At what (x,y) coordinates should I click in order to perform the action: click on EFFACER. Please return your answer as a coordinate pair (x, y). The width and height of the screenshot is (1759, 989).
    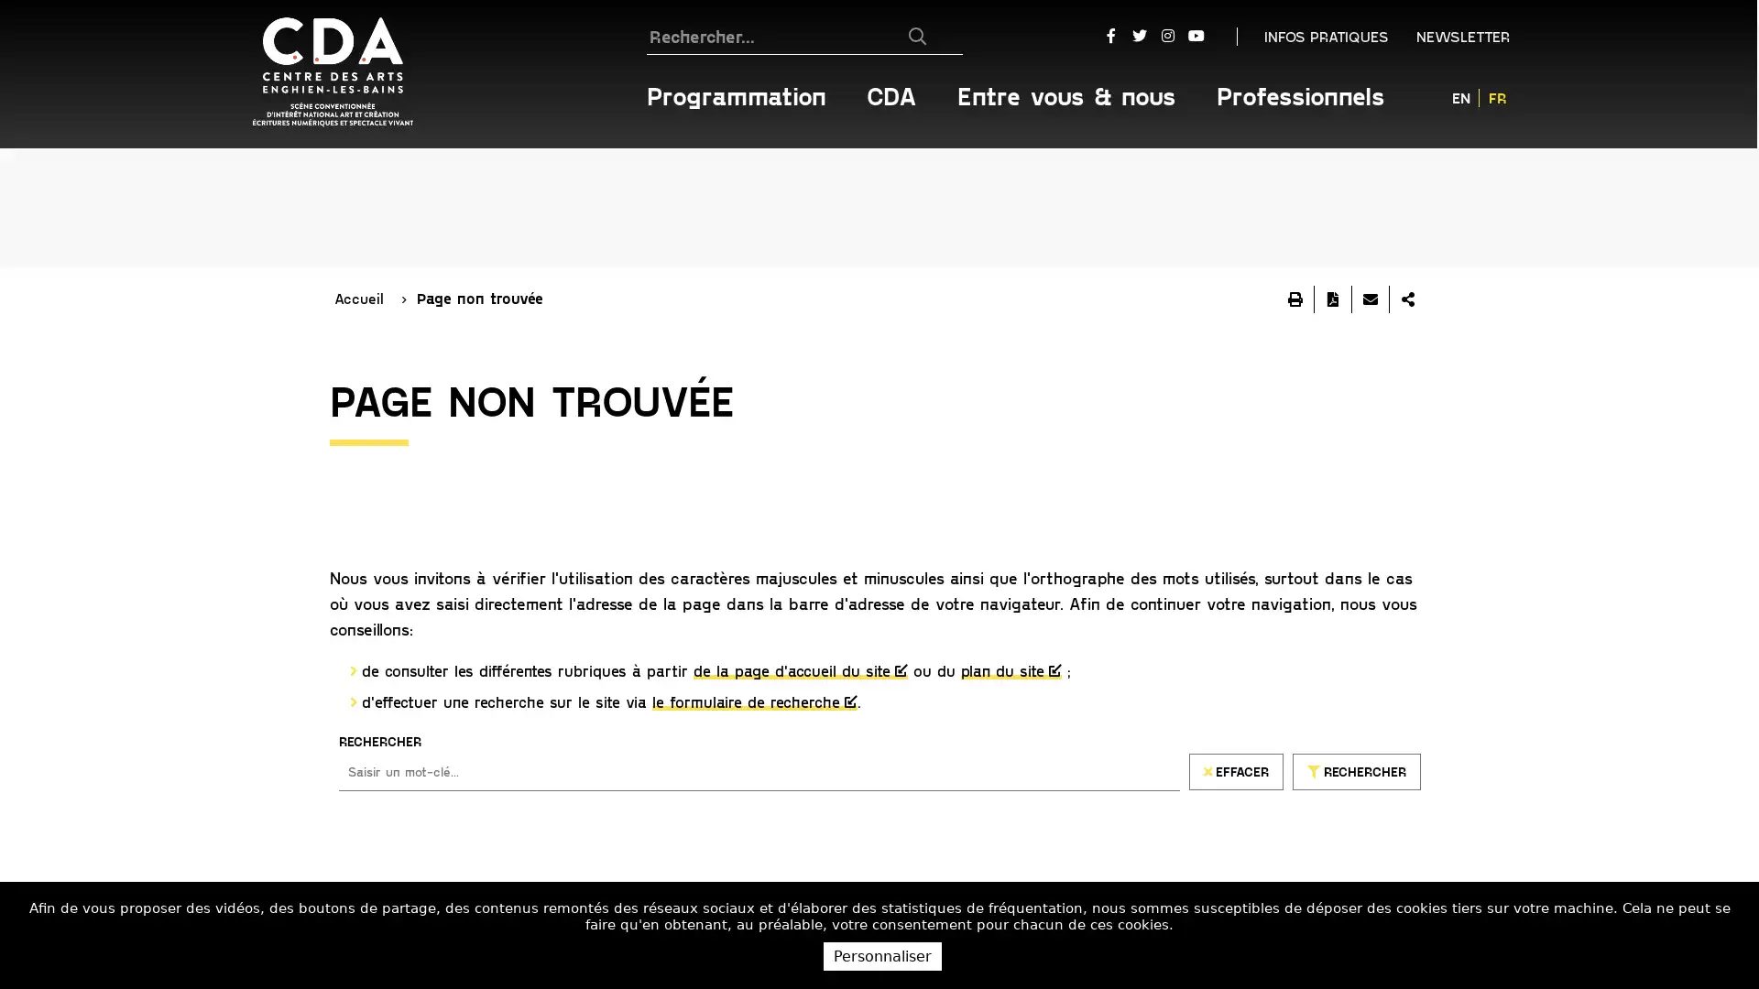
    Looking at the image, I should click on (1235, 651).